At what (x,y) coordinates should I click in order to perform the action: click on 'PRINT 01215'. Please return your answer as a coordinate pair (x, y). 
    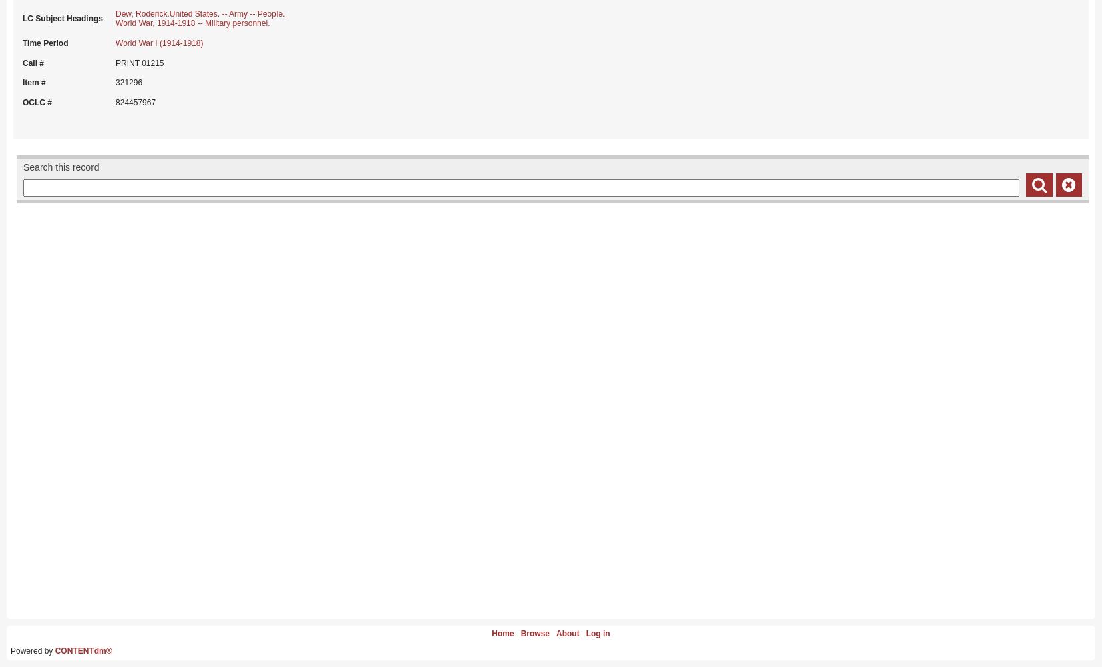
    Looking at the image, I should click on (140, 62).